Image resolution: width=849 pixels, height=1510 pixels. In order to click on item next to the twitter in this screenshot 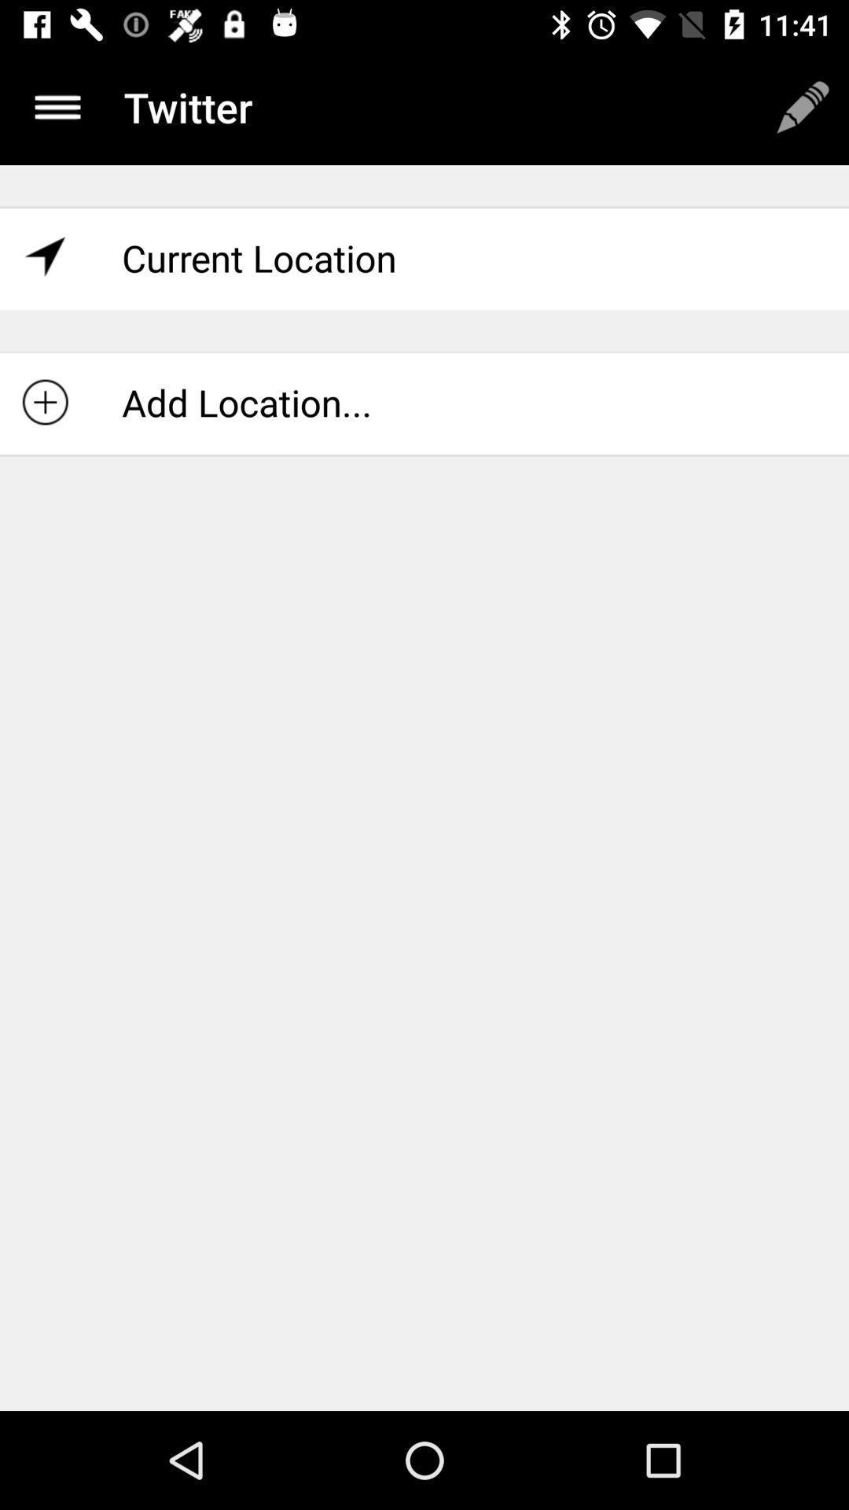, I will do `click(57, 106)`.